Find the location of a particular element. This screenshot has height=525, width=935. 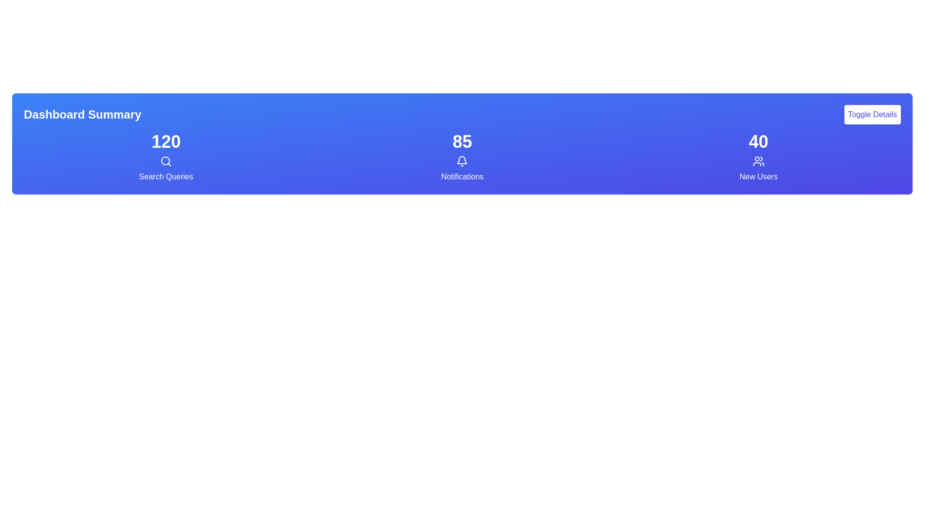

the graphical icon representing a group of users, which is located below the numerical text '40' and above the label 'New Users' in the rightmost information card of the dashboard is located at coordinates (758, 160).